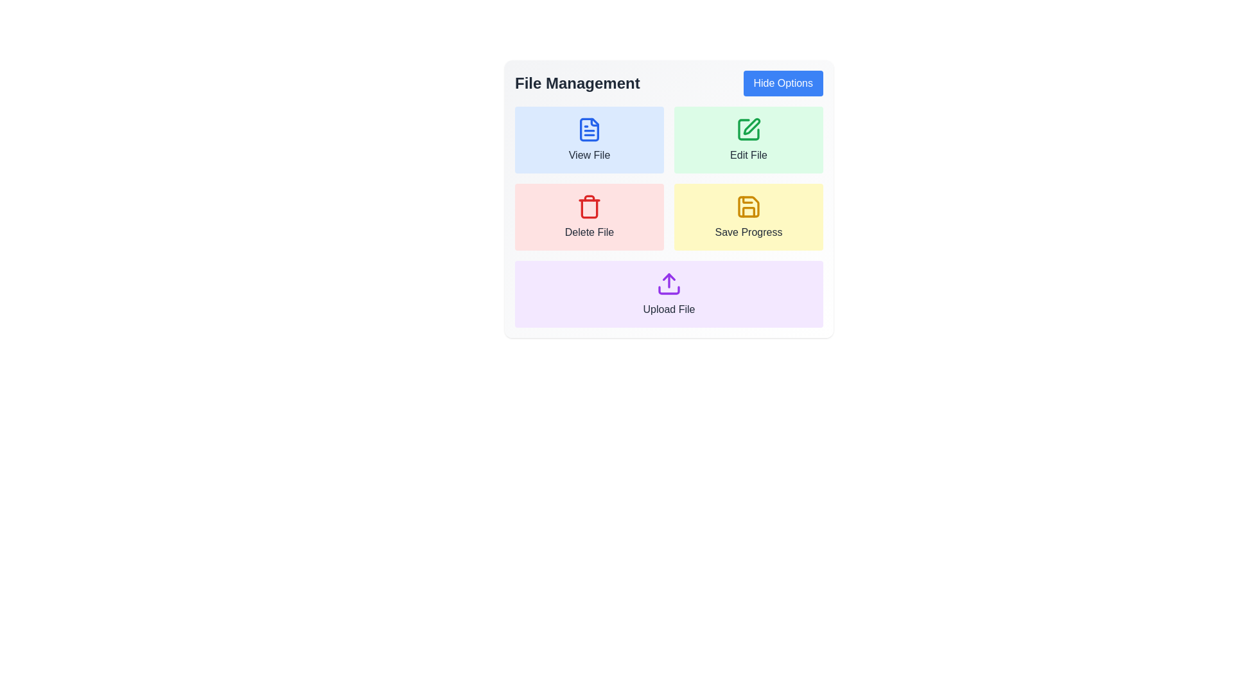 The width and height of the screenshot is (1233, 694). What do you see at coordinates (594, 122) in the screenshot?
I see `the Decorative SVG component representing the top corner of the file icon, located in the top-left corner of the blue box labeled 'View File'` at bounding box center [594, 122].